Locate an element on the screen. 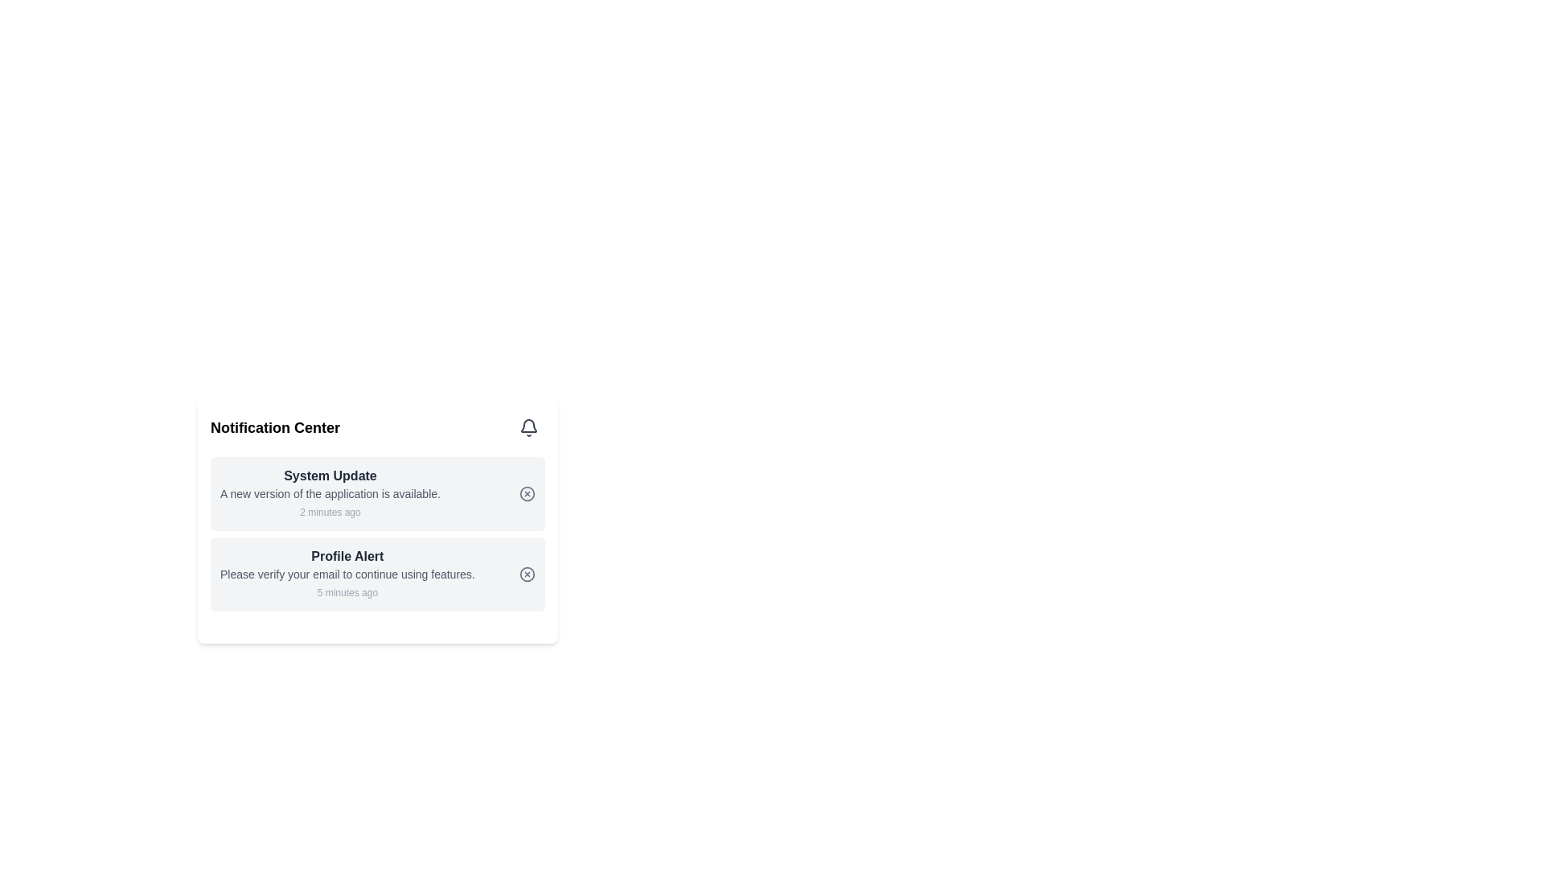 Image resolution: width=1544 pixels, height=869 pixels. the text label that serves as the title or heading of the notification, which is positioned at the upper section of the notification card is located at coordinates (330, 475).